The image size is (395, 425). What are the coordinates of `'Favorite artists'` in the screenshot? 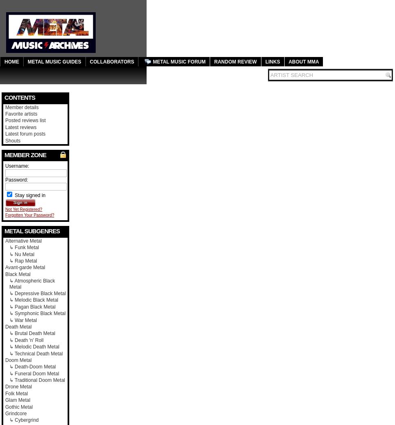 It's located at (20, 113).